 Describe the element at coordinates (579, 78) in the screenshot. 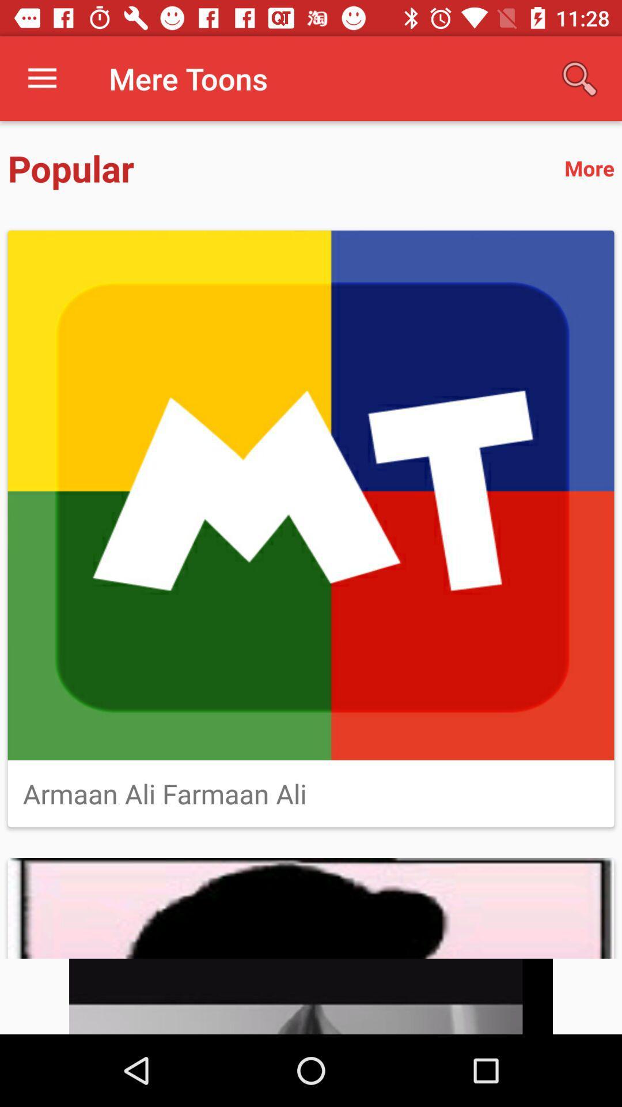

I see `icon next to mere toons icon` at that location.